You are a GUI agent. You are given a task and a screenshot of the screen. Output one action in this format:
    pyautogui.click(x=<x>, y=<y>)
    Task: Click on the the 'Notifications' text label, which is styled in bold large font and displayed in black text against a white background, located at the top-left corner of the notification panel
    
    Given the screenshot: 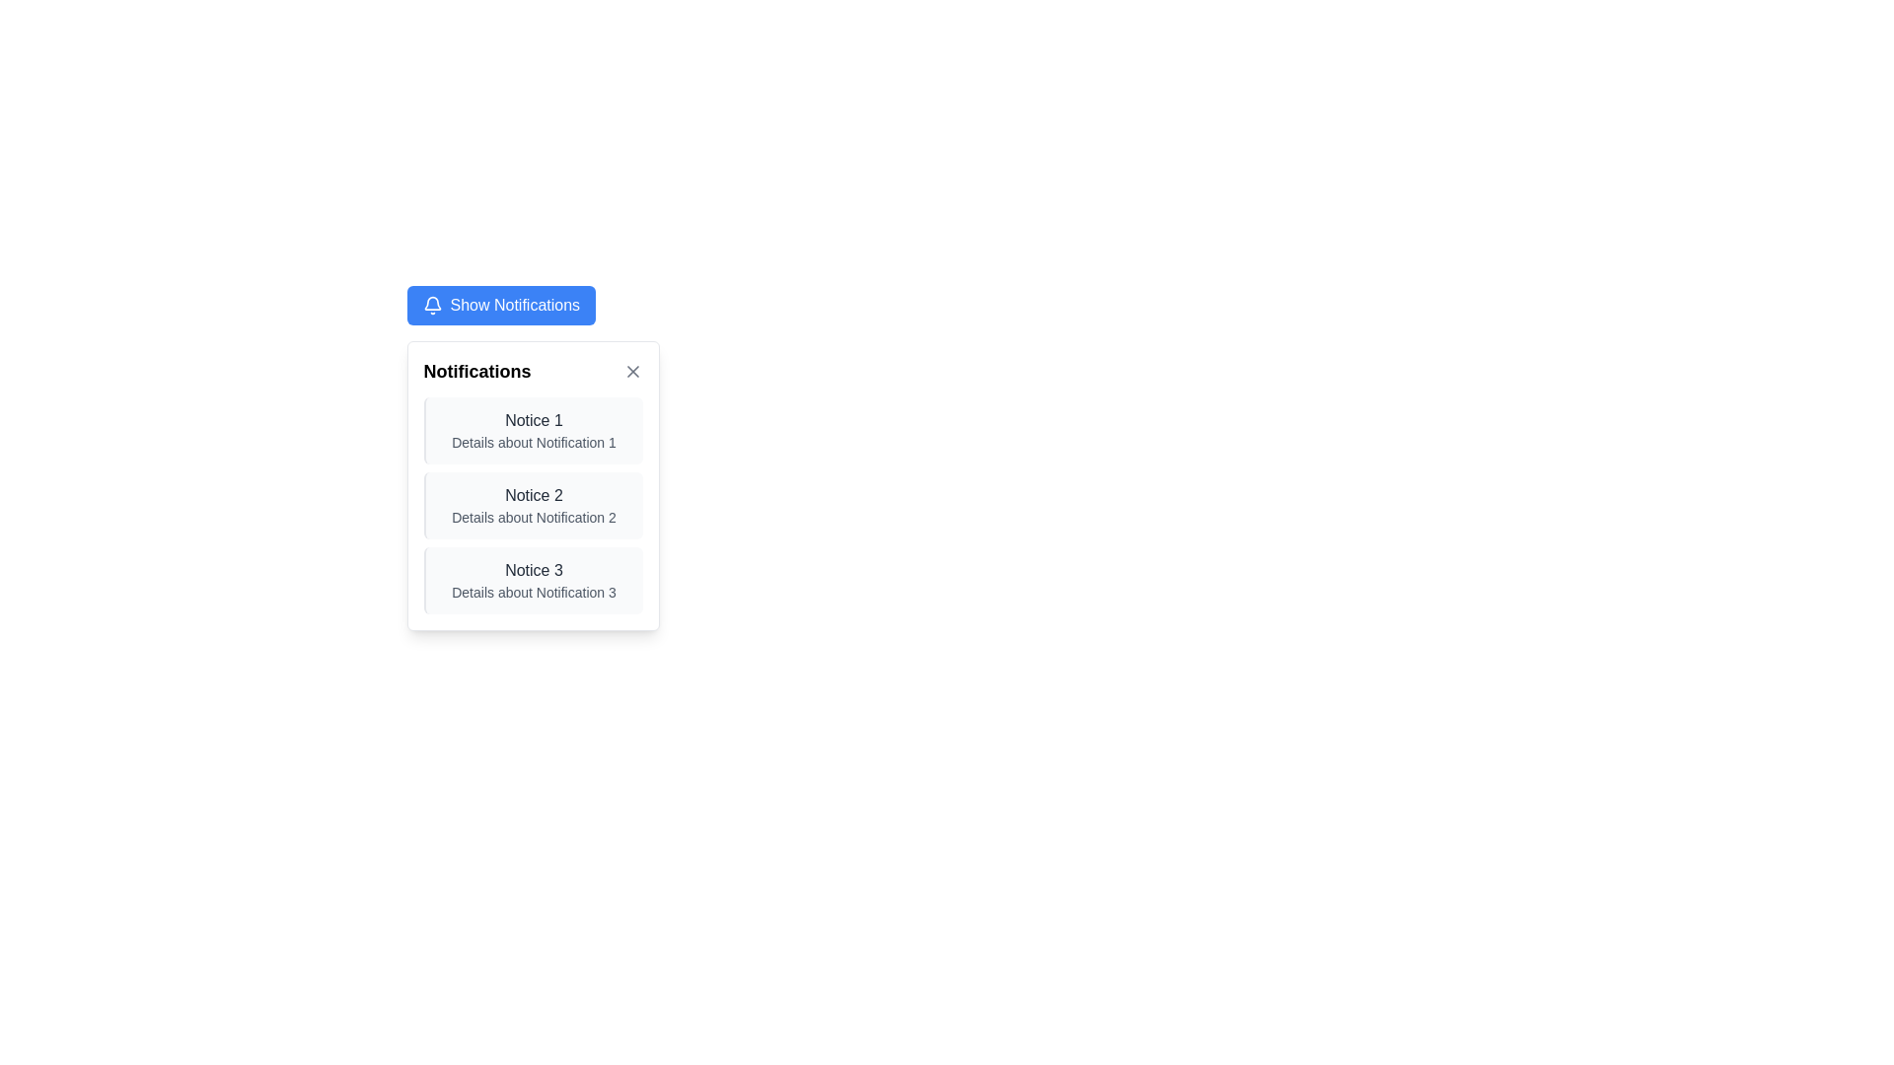 What is the action you would take?
    pyautogui.click(x=477, y=372)
    